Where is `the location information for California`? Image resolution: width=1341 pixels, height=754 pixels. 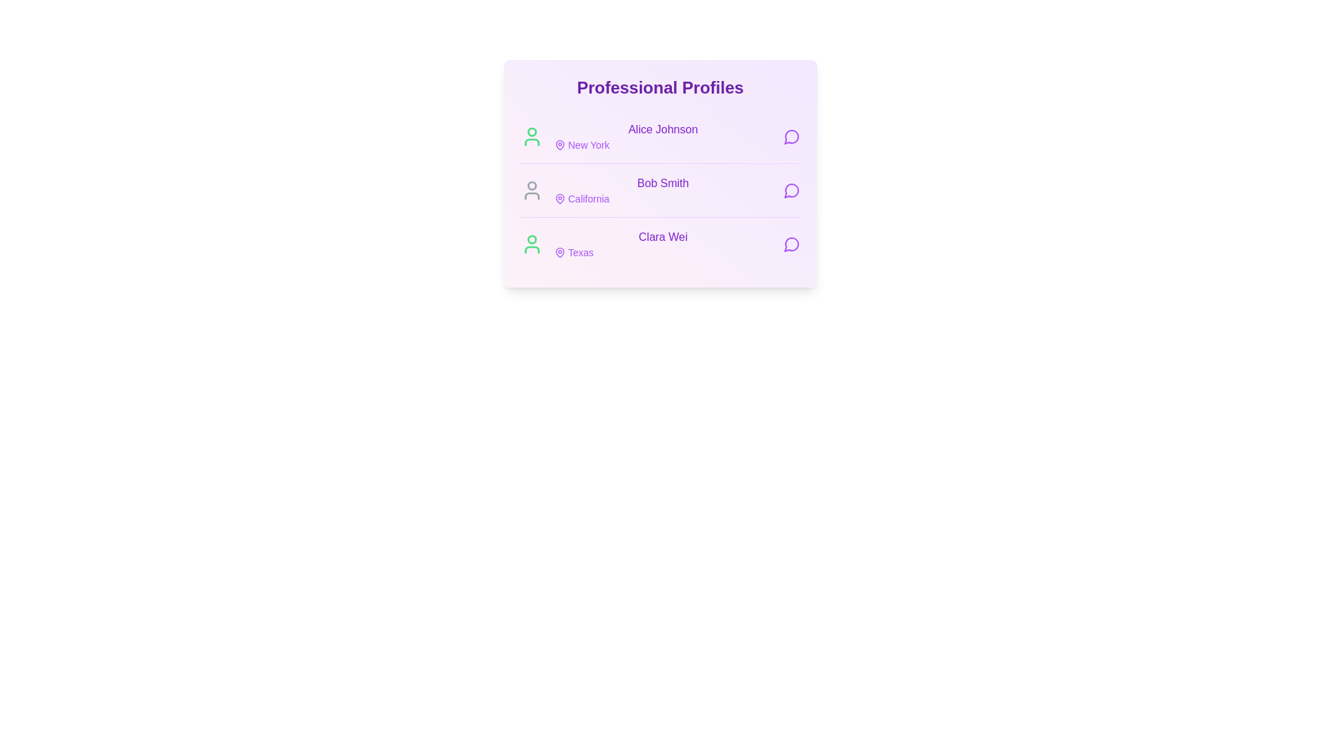 the location information for California is located at coordinates (559, 199).